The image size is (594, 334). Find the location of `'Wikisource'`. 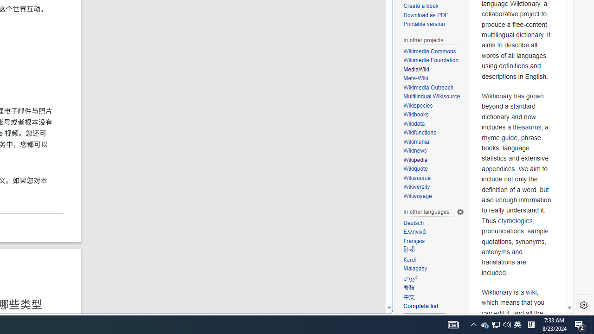

'Wikisource' is located at coordinates (416, 178).